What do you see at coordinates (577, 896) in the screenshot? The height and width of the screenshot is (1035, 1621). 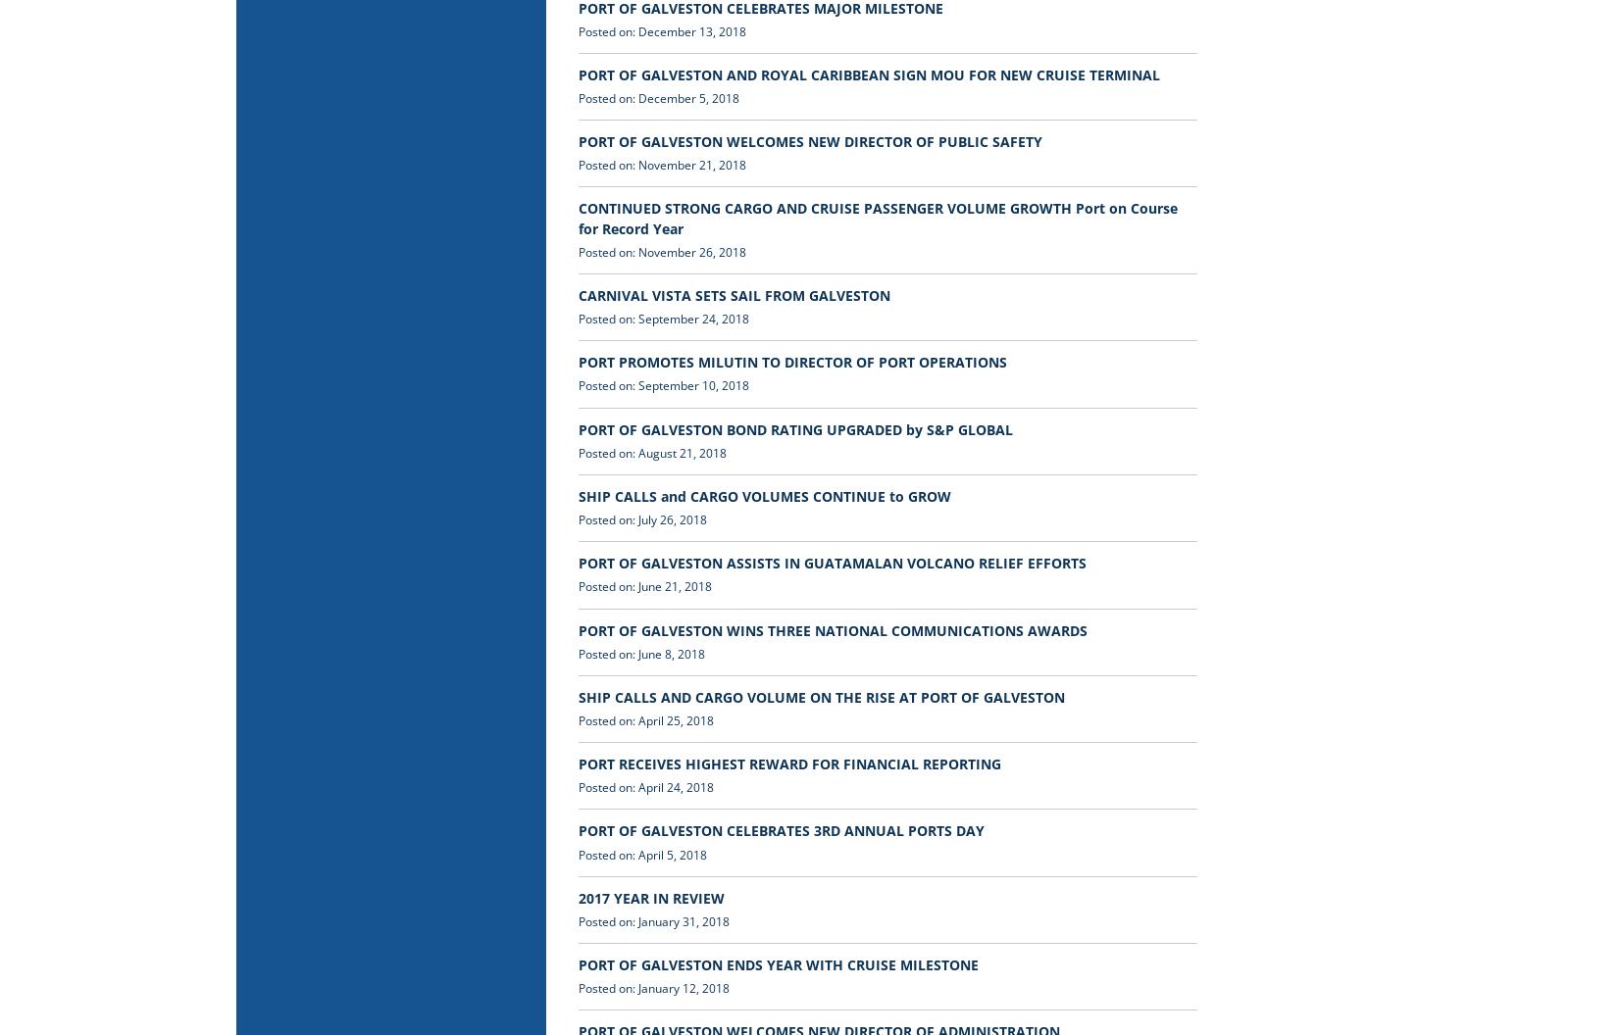 I see `'2017 YEAR IN REVIEW'` at bounding box center [577, 896].